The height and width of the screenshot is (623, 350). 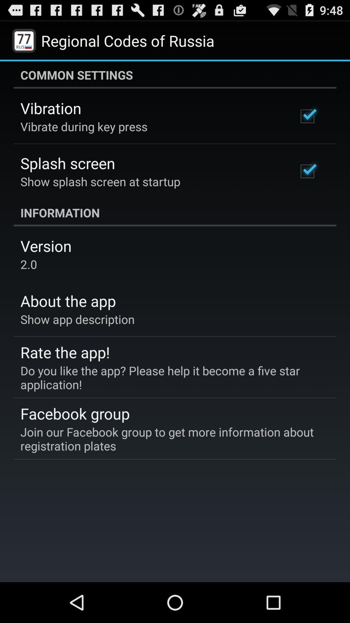 I want to click on app below vibration app, so click(x=84, y=126).